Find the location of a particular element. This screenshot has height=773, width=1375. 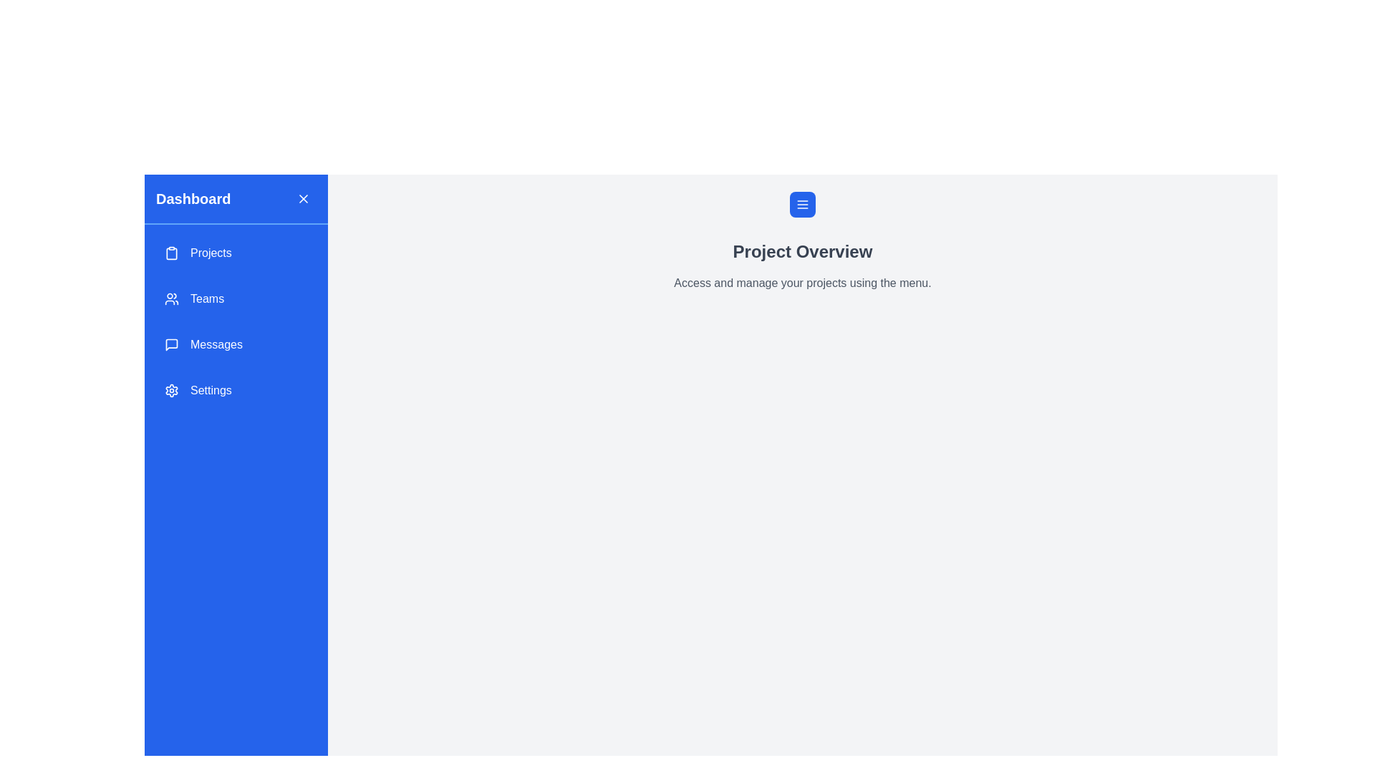

the menu toggle button located in the top-central portion of the interface, above the 'Project Overview' section is located at coordinates (803, 204).